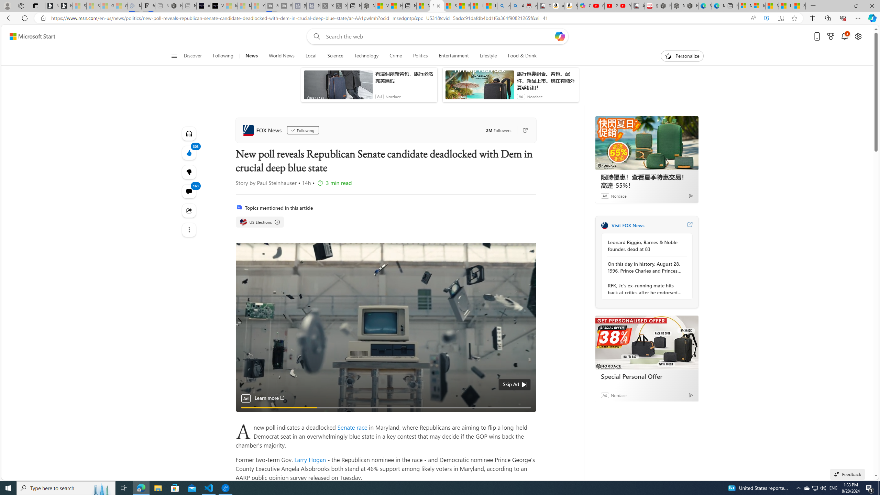 This screenshot has height=495, width=880. I want to click on 'Gloom - YouTube', so click(611, 5).